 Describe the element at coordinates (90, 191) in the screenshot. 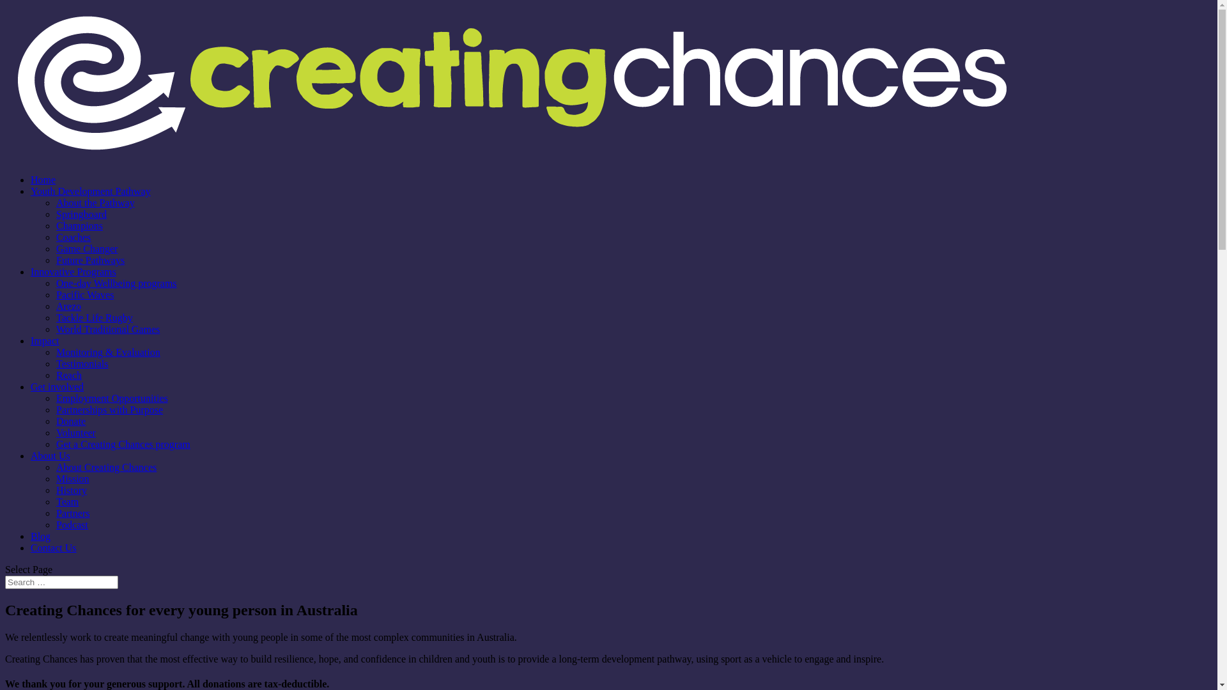

I see `'Youth Development Pathway'` at that location.